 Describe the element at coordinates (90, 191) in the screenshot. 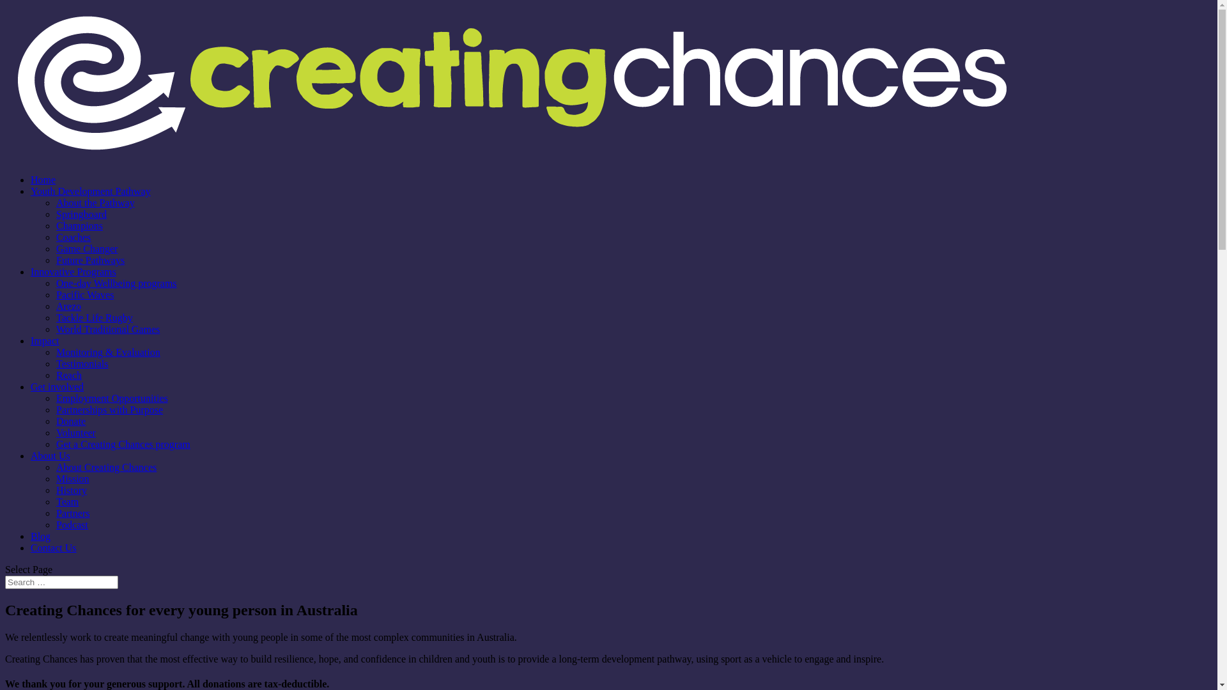

I see `'Youth Development Pathway'` at that location.